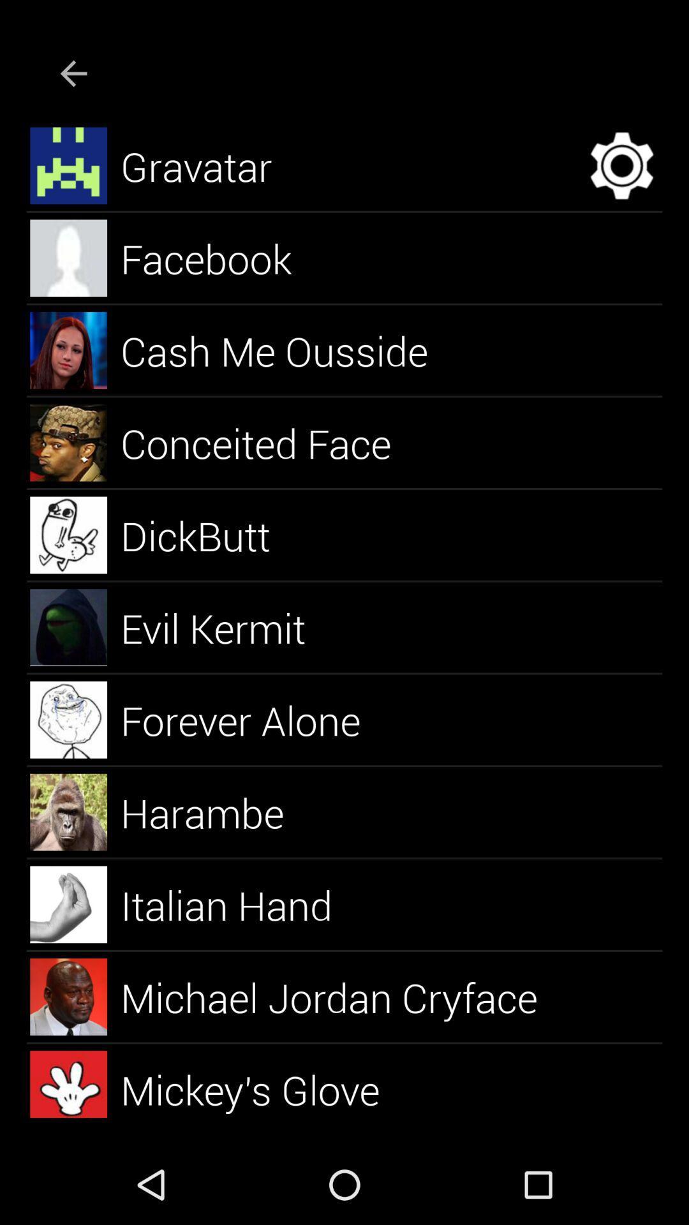 Image resolution: width=689 pixels, height=1225 pixels. I want to click on settings, so click(621, 165).